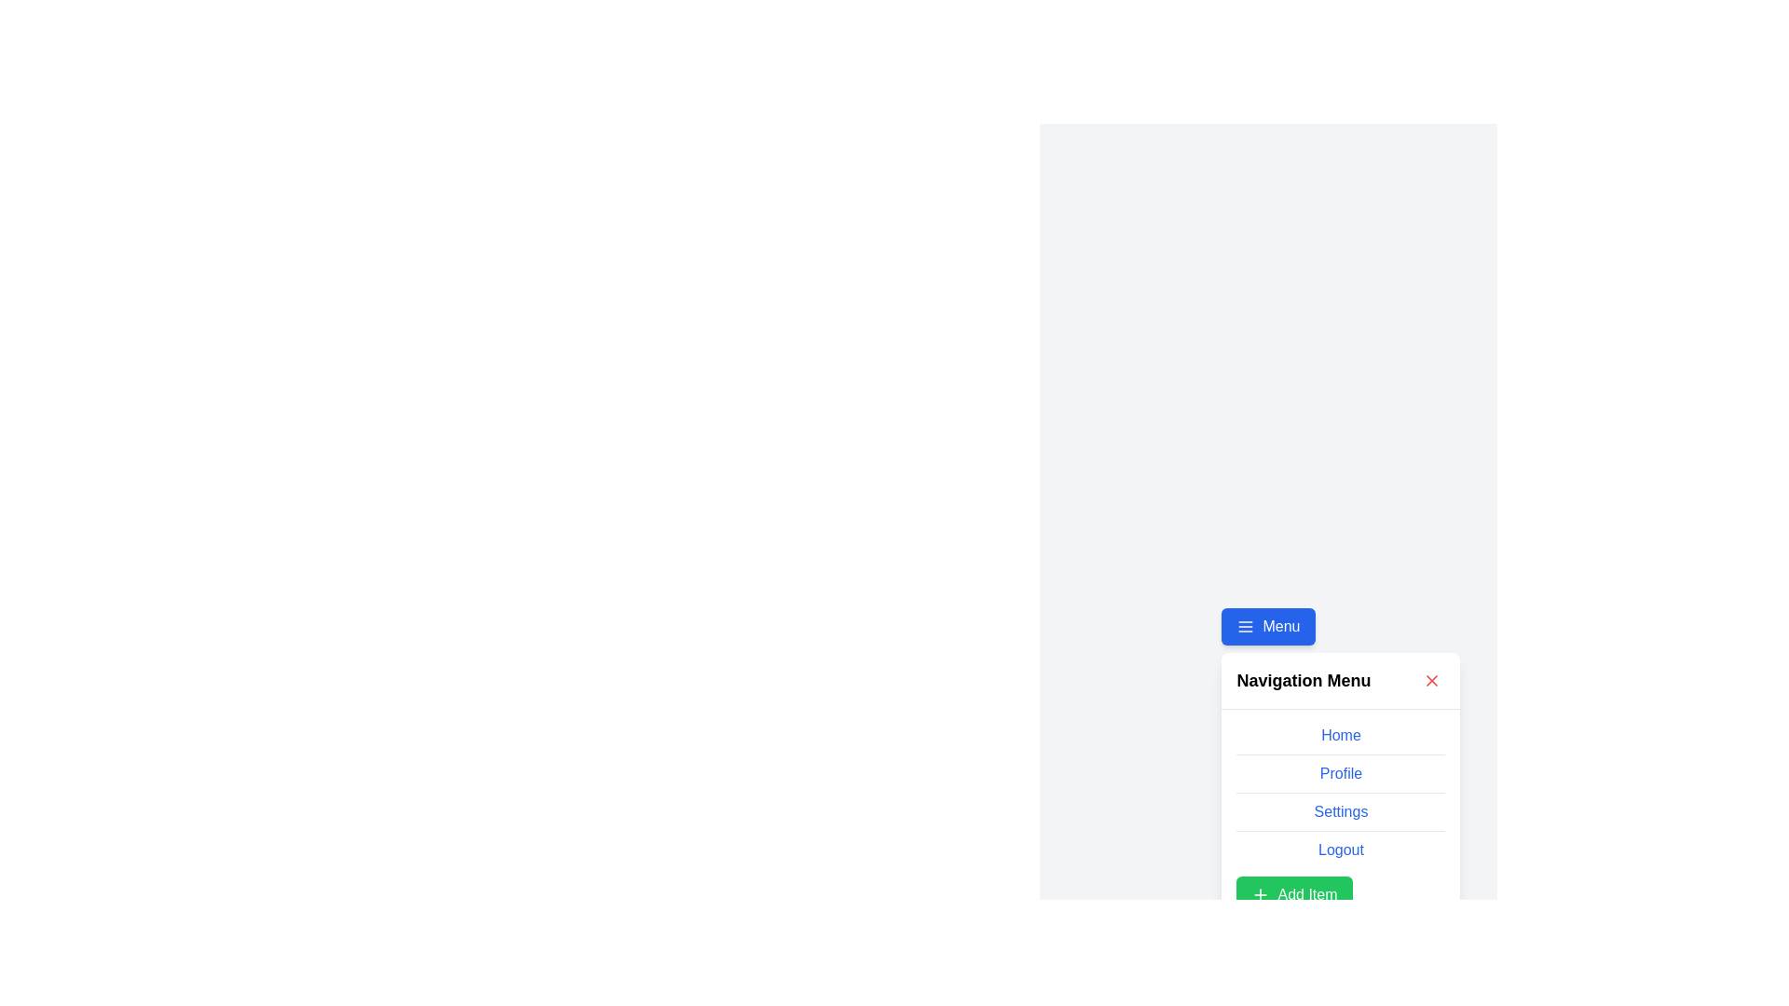 The height and width of the screenshot is (1006, 1789). I want to click on the second item in the vertical list of the 'Navigation Menu' dropdown, which is a link to the Profile page, so click(1340, 773).